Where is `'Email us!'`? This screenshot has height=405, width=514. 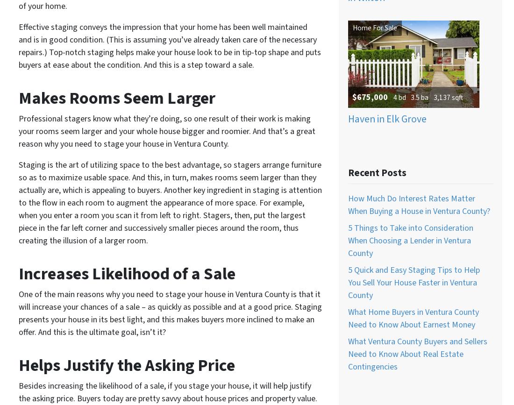
'Email us!' is located at coordinates (280, 23).